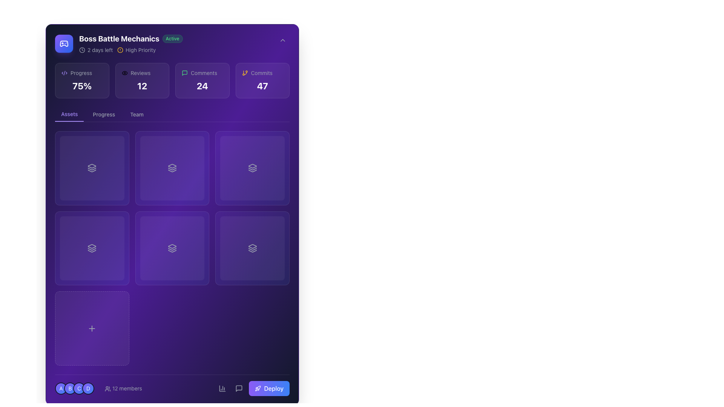 The image size is (724, 407). What do you see at coordinates (92, 248) in the screenshot?
I see `the transparent rectangular Background overlay with a gradient from violet to blue, located in the second card of the first row under the 'Assets' tab` at bounding box center [92, 248].